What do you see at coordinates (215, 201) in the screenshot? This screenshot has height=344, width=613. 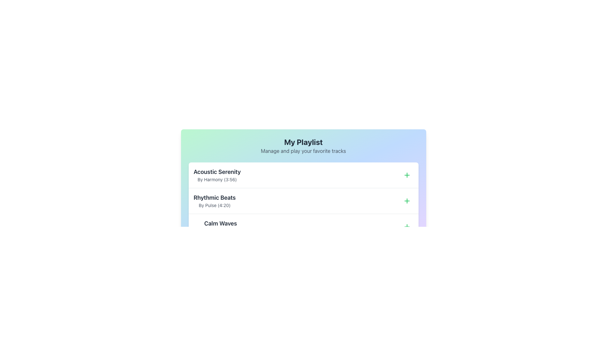 I see `the Text Display Component that shows information about a specific audio track in the playlist, positioned between 'Acoustic Serenity' and 'Calm Waves'` at bounding box center [215, 201].